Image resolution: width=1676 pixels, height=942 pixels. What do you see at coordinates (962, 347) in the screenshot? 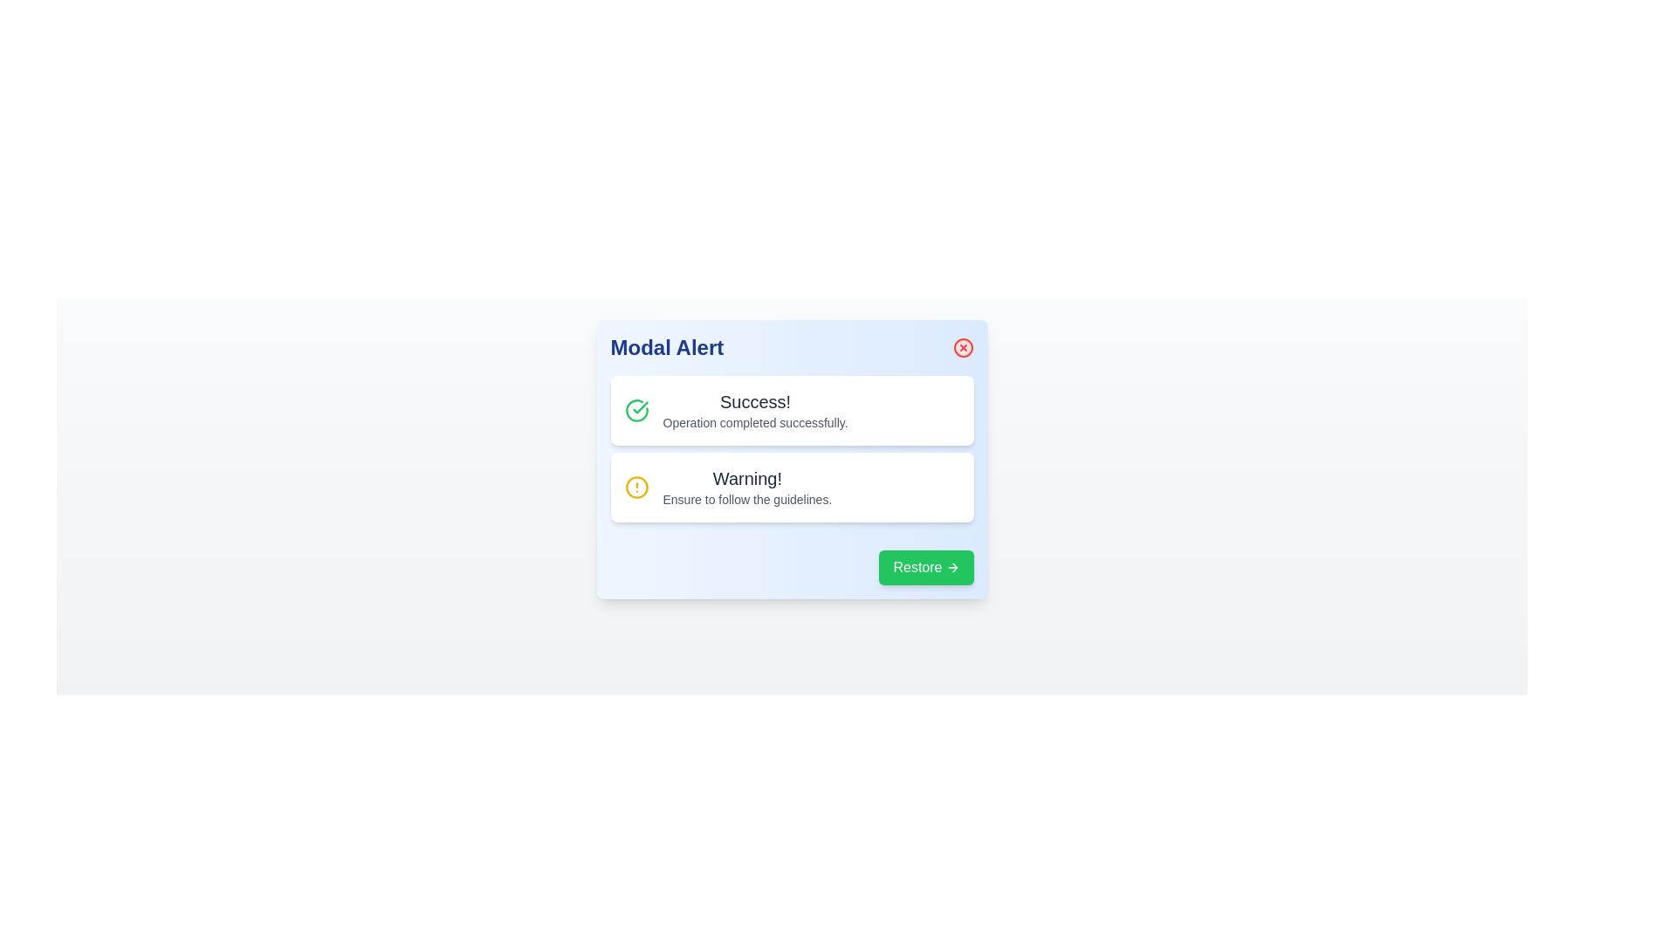
I see `the circular red-bordered button with a red 'X' icon in the top-right corner of the 'Modal Alert' header` at bounding box center [962, 347].